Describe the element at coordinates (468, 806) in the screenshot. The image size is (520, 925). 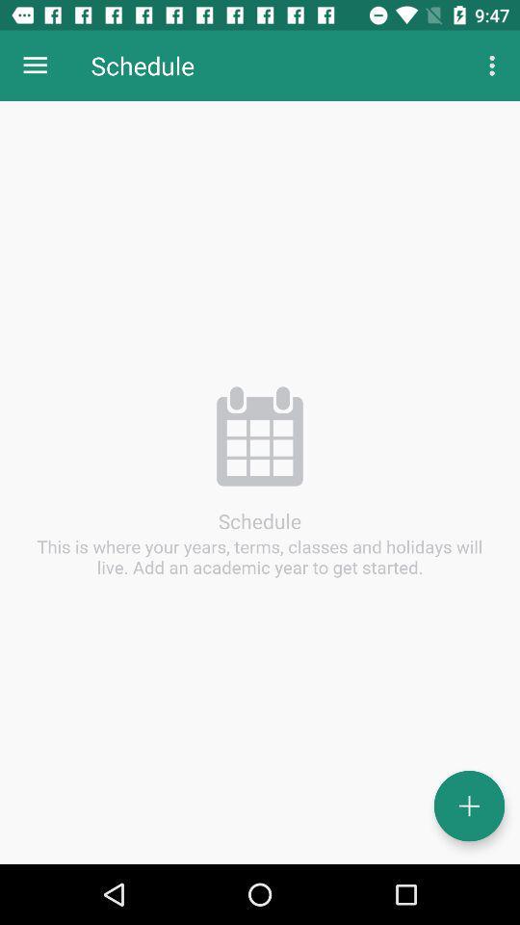
I see `to schedule` at that location.